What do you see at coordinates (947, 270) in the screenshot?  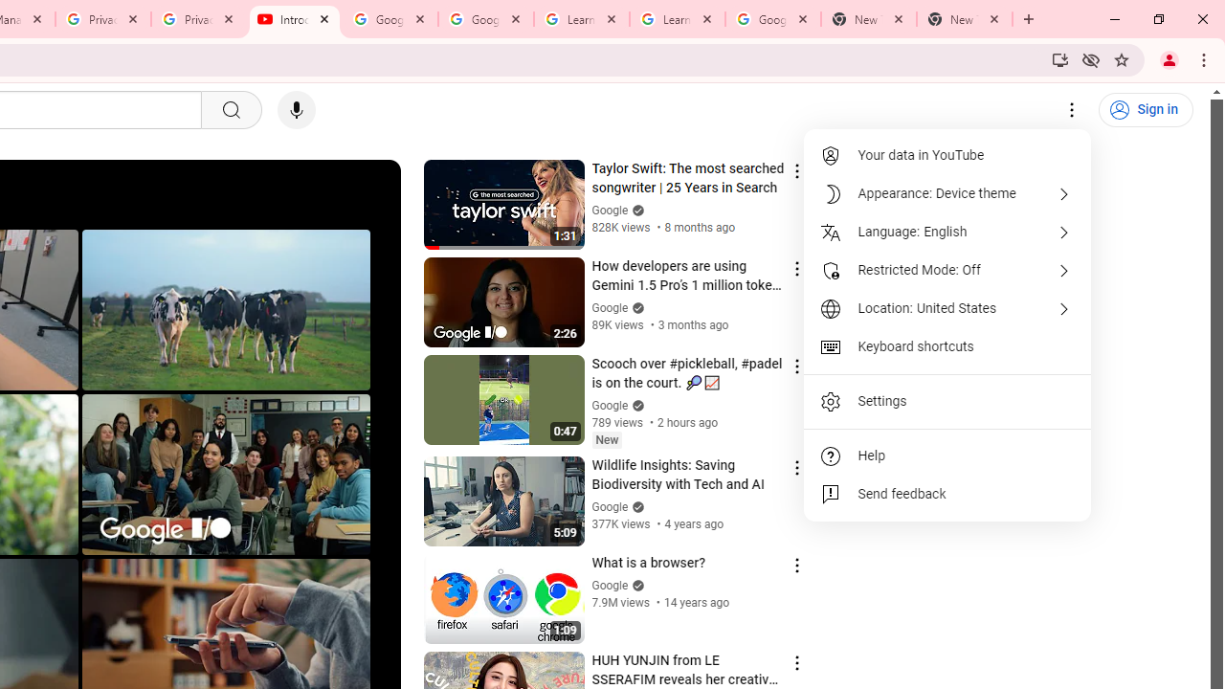 I see `'Restricted Mode: Off'` at bounding box center [947, 270].